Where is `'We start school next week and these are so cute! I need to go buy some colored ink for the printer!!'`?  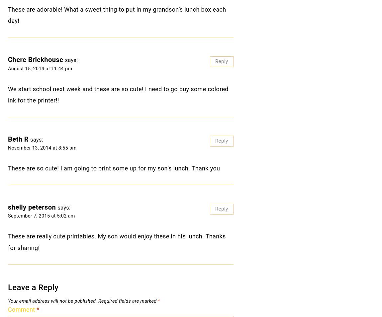
'We start school next week and these are so cute! I need to go buy some colored ink for the printer!!' is located at coordinates (118, 94).